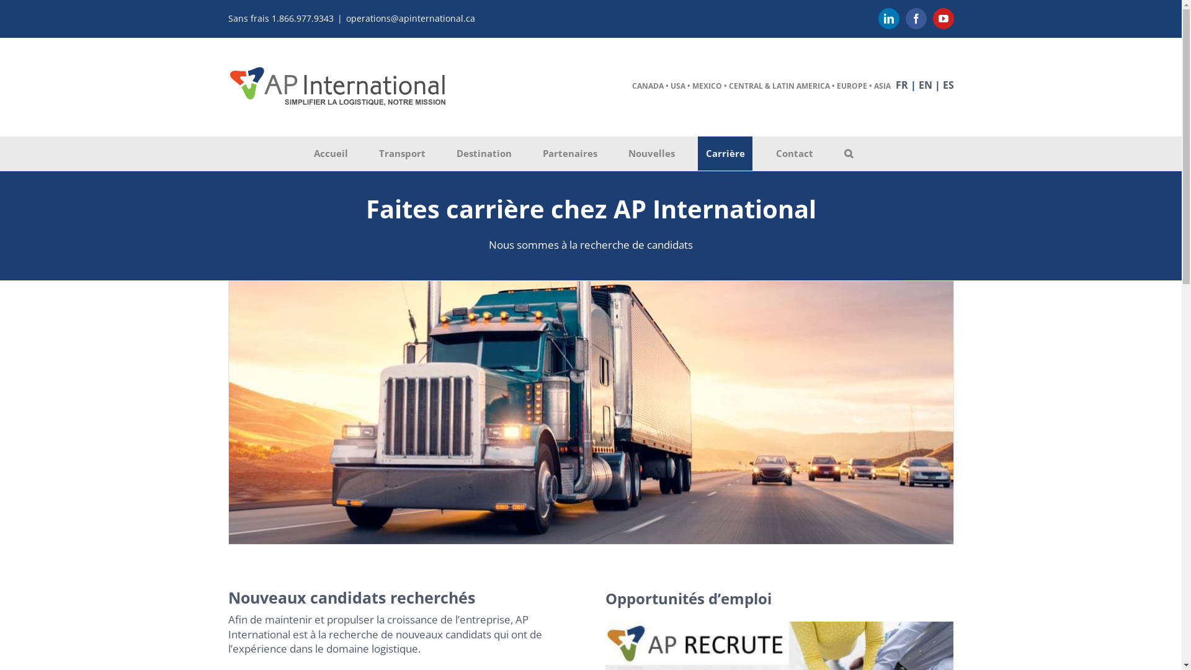 Image resolution: width=1191 pixels, height=670 pixels. I want to click on 'LinkedIn', so click(888, 19).